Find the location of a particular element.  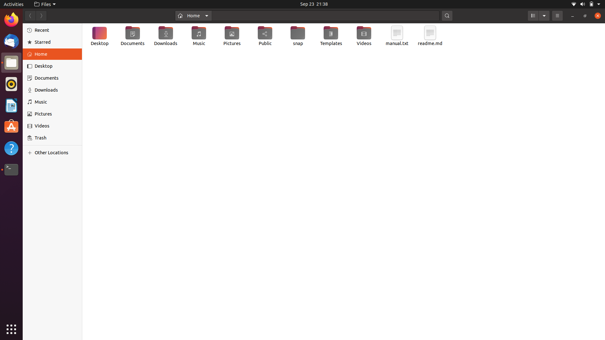

Extend the display window to full screen size is located at coordinates (584, 15).